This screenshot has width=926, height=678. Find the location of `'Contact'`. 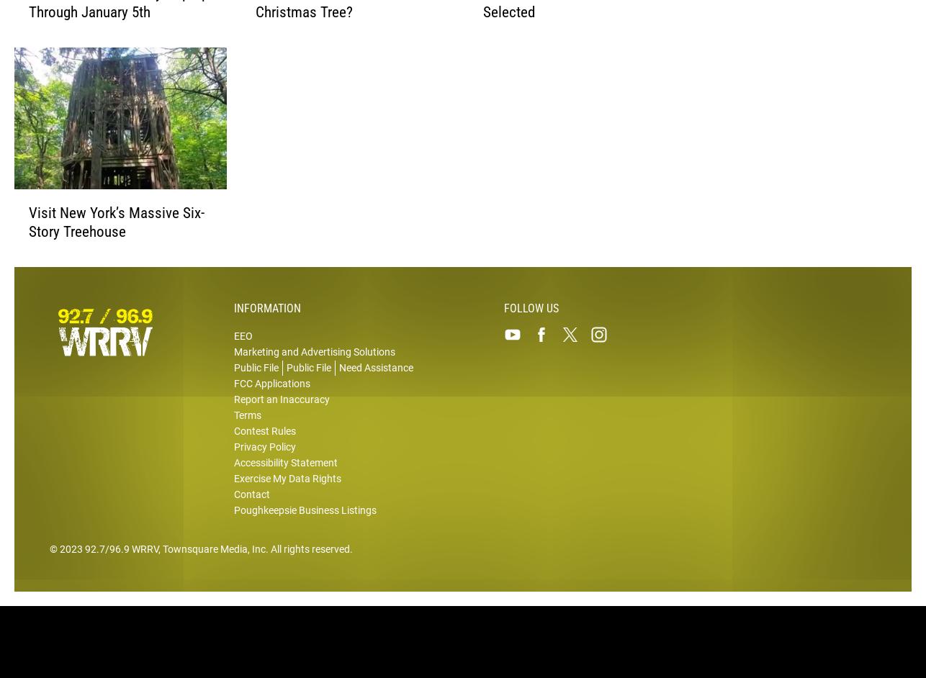

'Contact' is located at coordinates (251, 502).